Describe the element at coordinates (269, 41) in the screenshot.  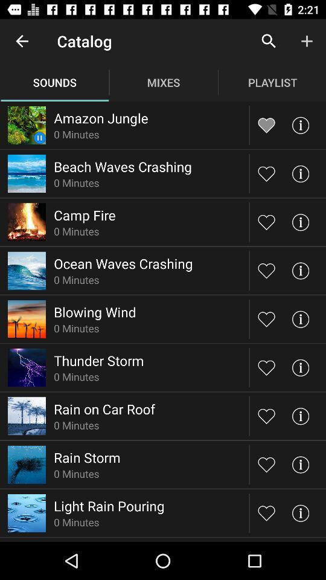
I see `the icon above playlist` at that location.